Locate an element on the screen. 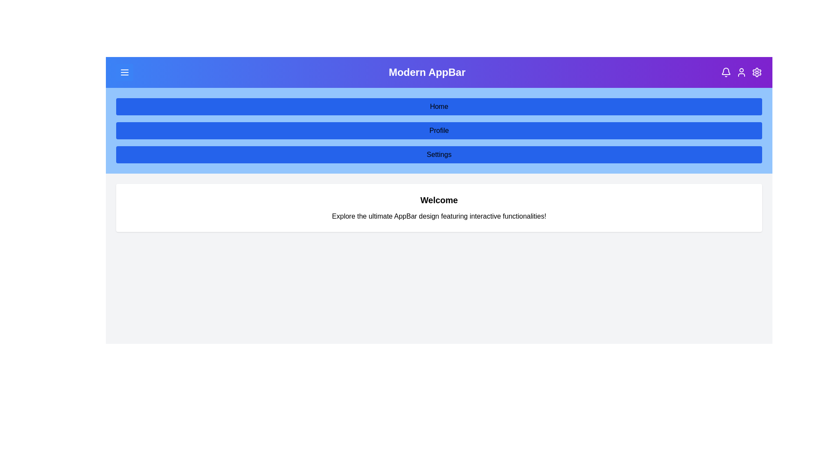  the user icon to open profile options is located at coordinates (741, 72).